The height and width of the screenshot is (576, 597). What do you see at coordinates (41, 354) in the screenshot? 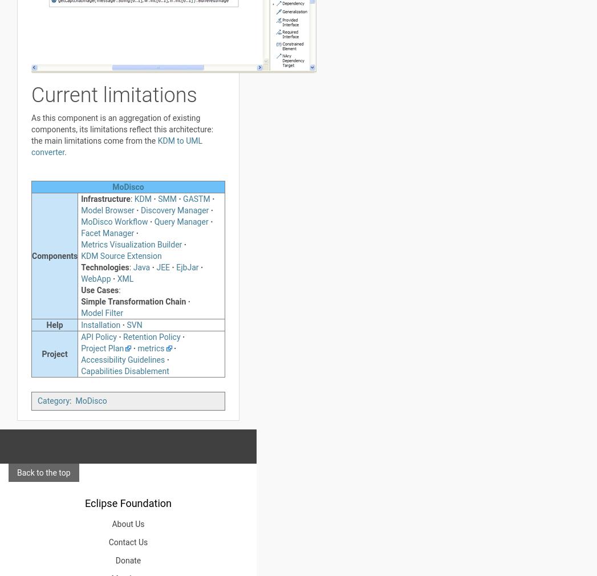
I see `'Project'` at bounding box center [41, 354].